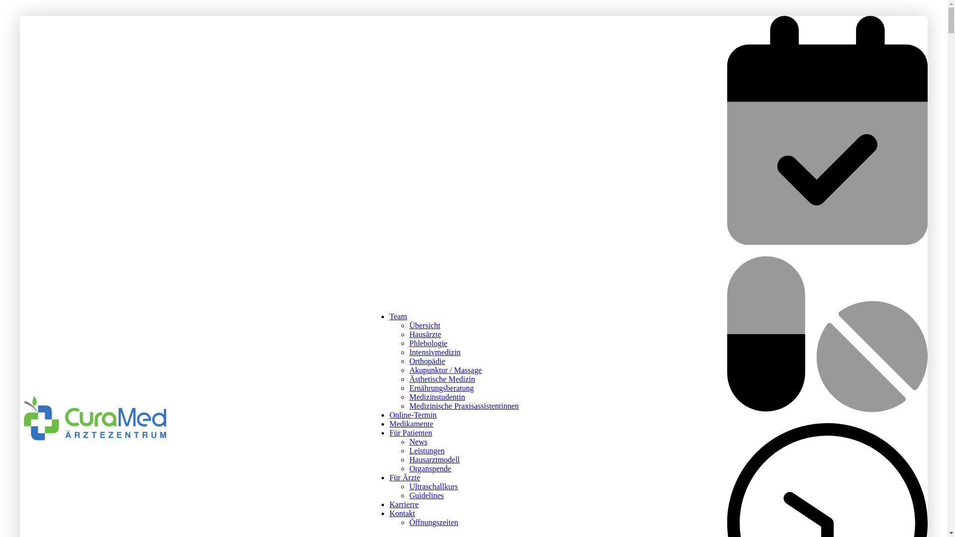 The height and width of the screenshot is (537, 955). Describe the element at coordinates (398, 316) in the screenshot. I see `'Team'` at that location.